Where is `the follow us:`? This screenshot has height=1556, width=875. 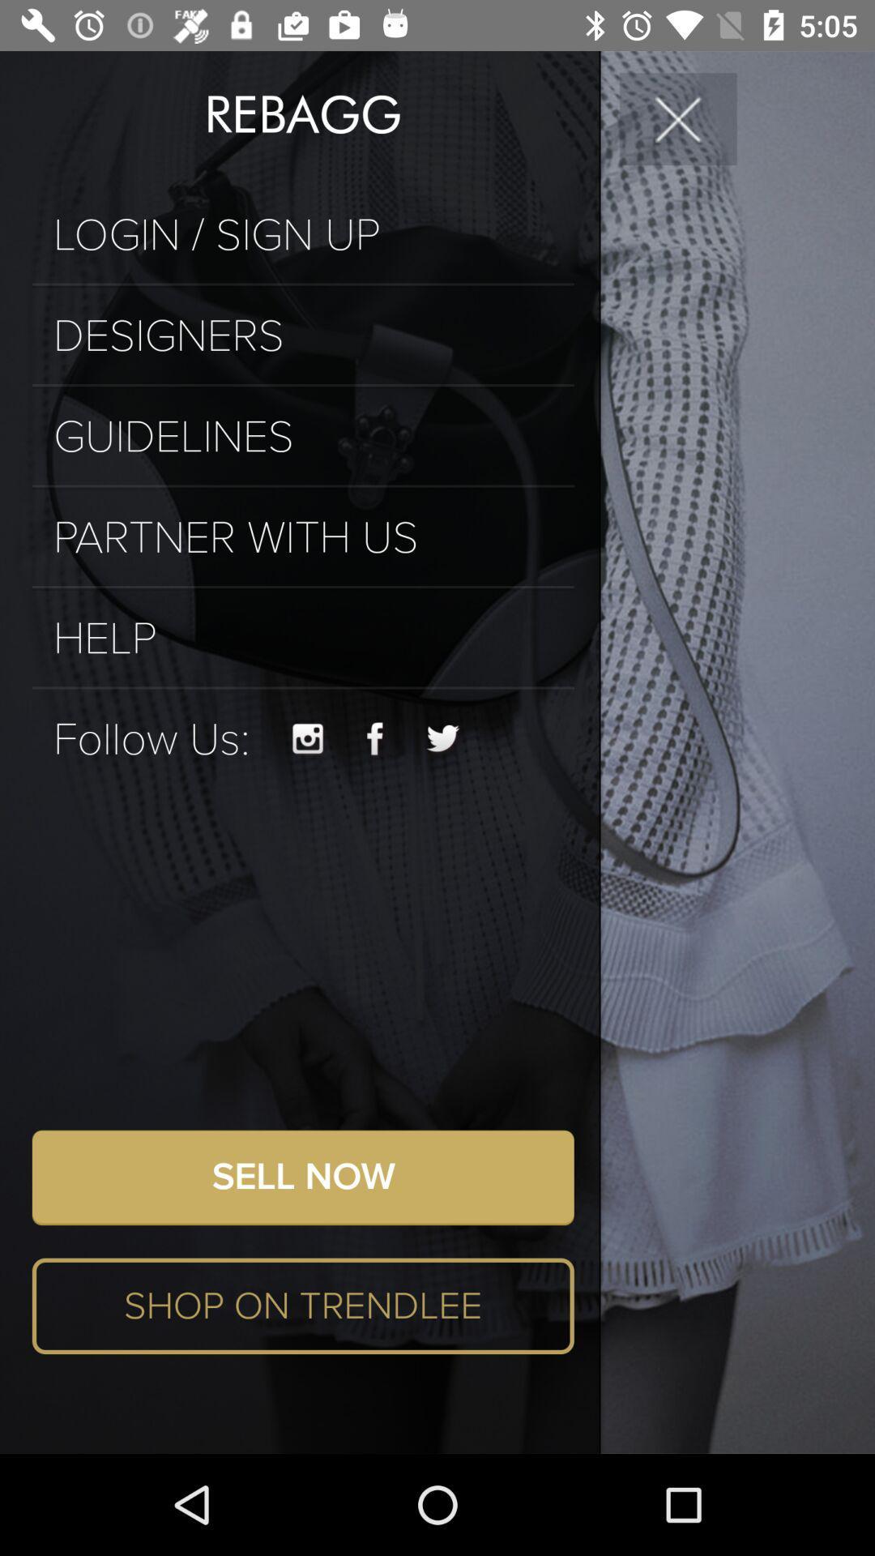 the follow us: is located at coordinates (152, 738).